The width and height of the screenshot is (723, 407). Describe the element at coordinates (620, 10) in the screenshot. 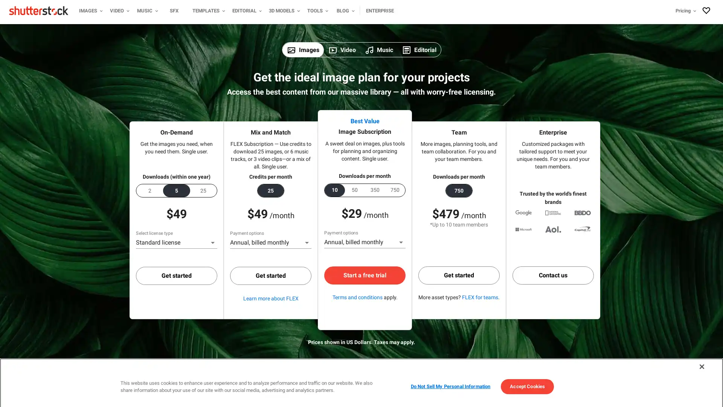

I see `Pricing` at that location.